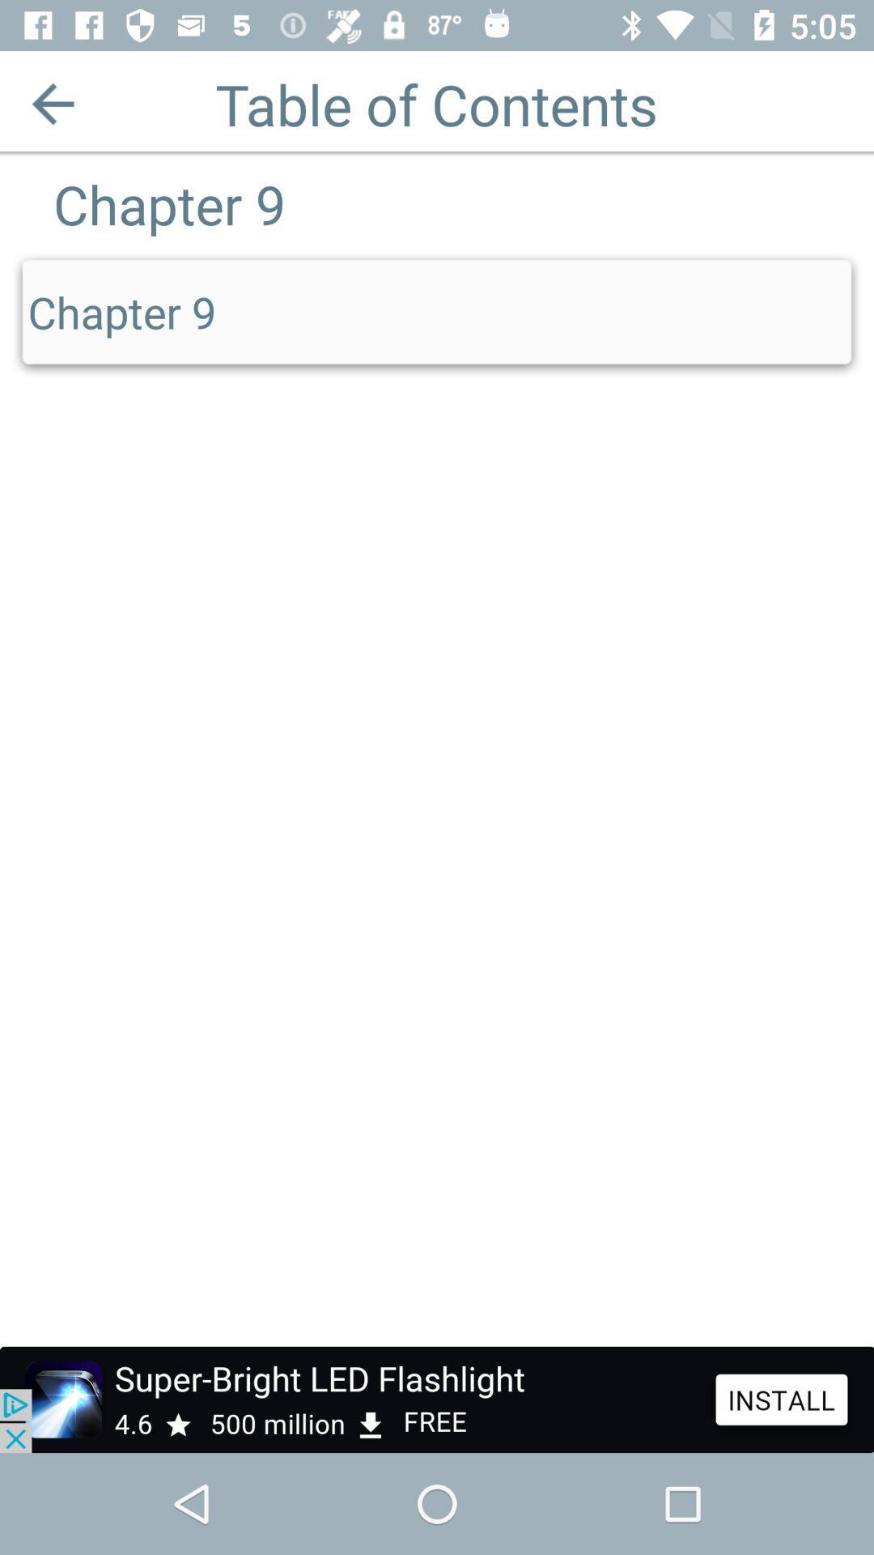 This screenshot has width=874, height=1555. Describe the element at coordinates (52, 103) in the screenshot. I see `the arrow_backward icon` at that location.